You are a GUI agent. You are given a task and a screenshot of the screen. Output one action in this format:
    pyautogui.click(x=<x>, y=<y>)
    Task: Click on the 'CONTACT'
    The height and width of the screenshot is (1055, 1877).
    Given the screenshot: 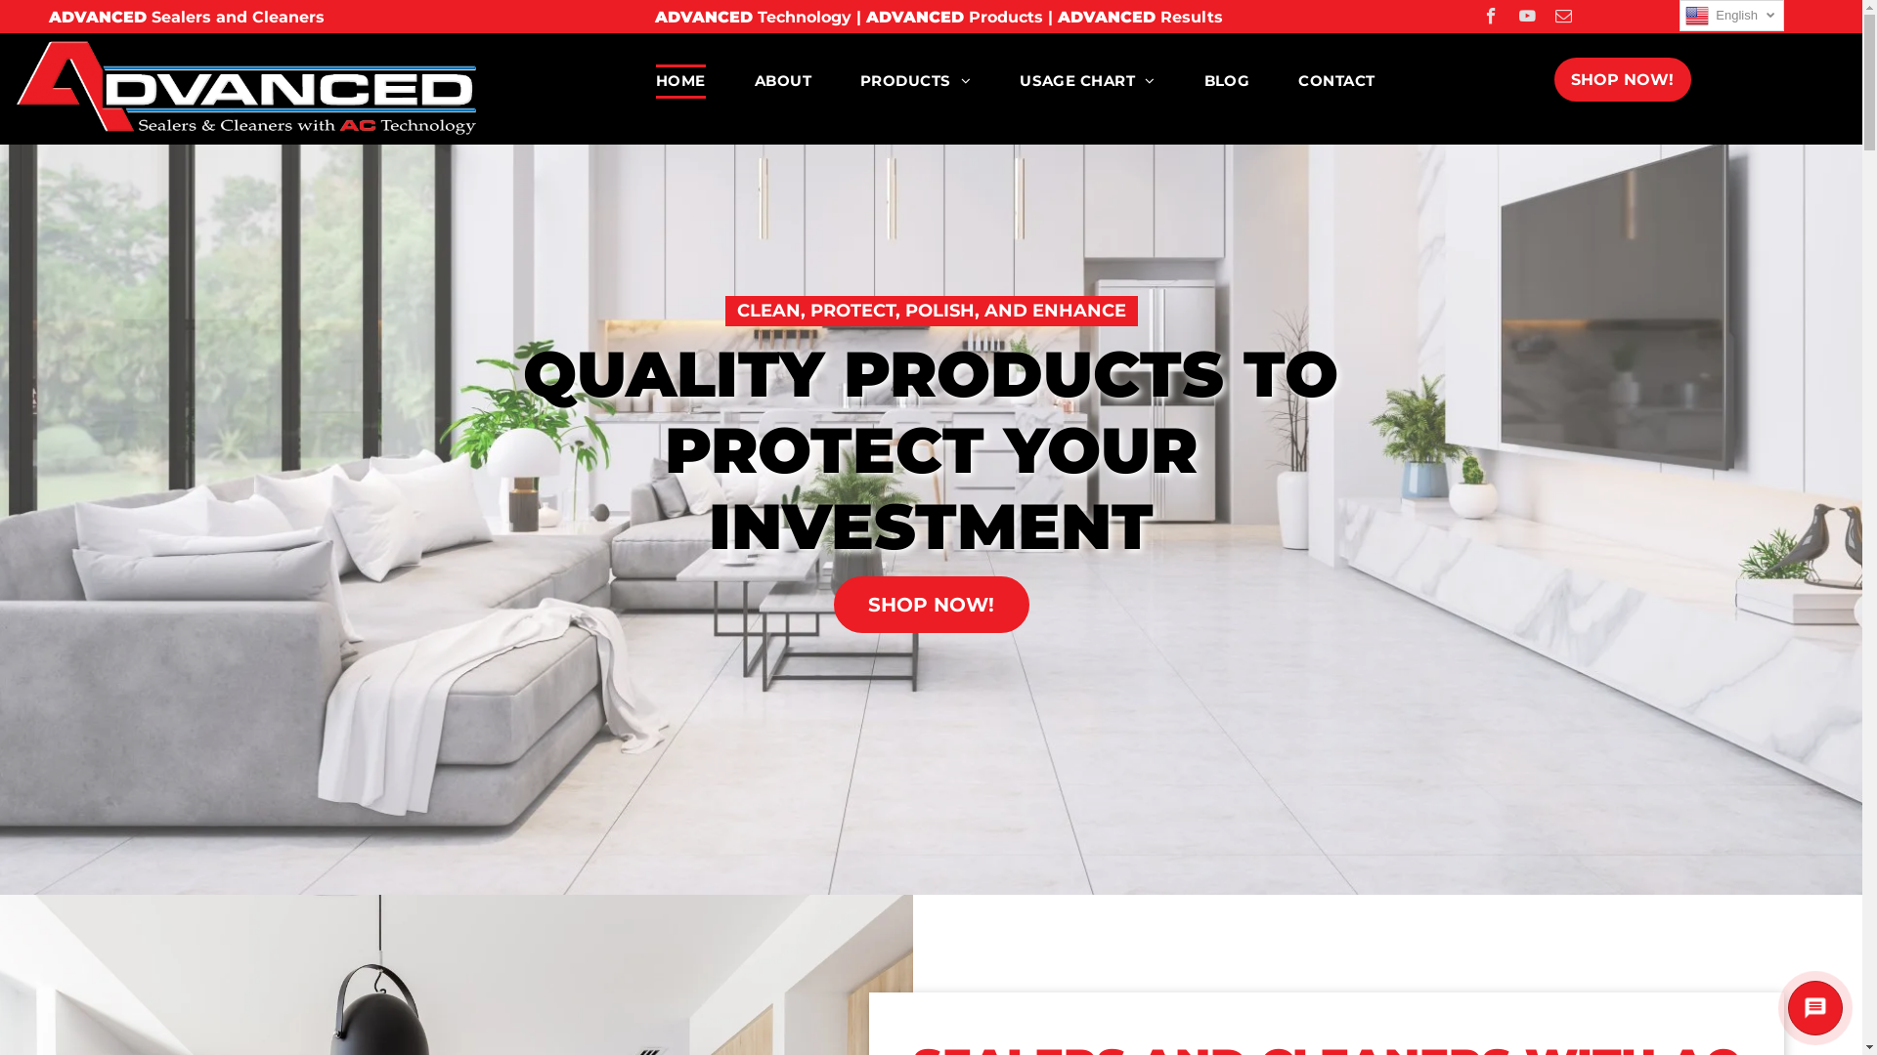 What is the action you would take?
    pyautogui.click(x=1335, y=80)
    